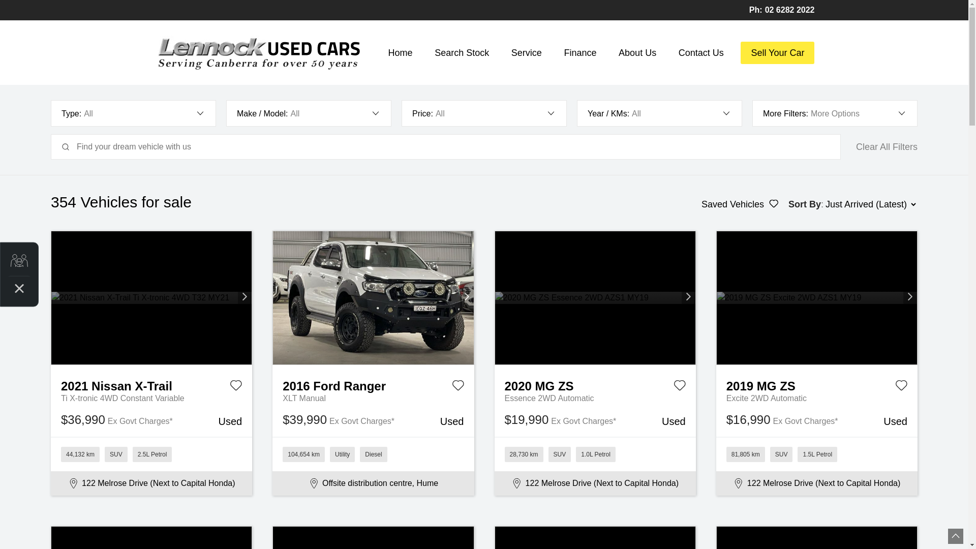  Describe the element at coordinates (527, 53) in the screenshot. I see `'Service'` at that location.